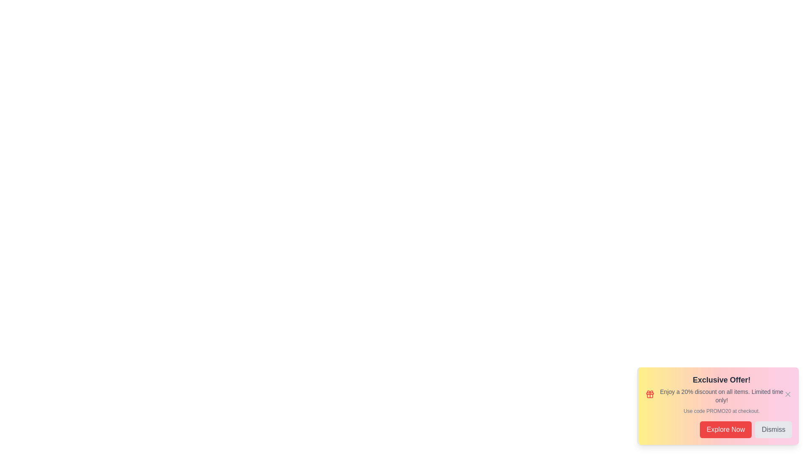 This screenshot has height=455, width=809. Describe the element at coordinates (774, 429) in the screenshot. I see `the 'Dismiss' button to hide the promotion alert` at that location.